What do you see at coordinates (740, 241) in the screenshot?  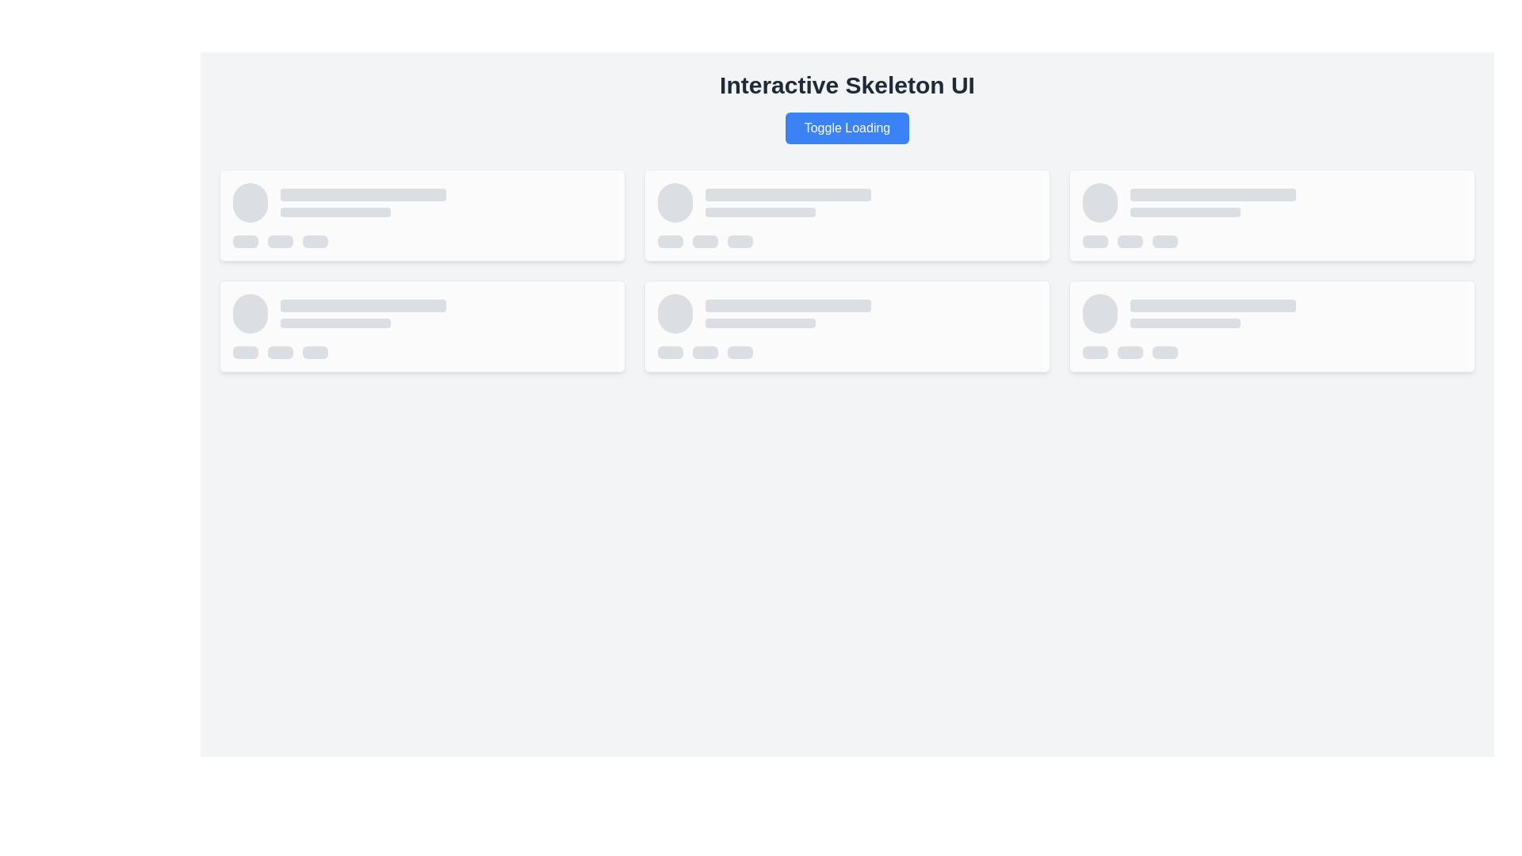 I see `the third button in a horizontal row of three similar buttons, which is currently disabled and serves as a non-interactive placeholder within a white card layout` at bounding box center [740, 241].